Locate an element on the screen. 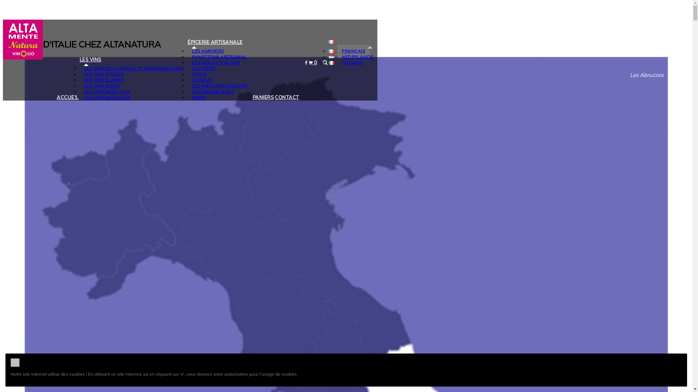  'NEDERLANDS' is located at coordinates (357, 57).